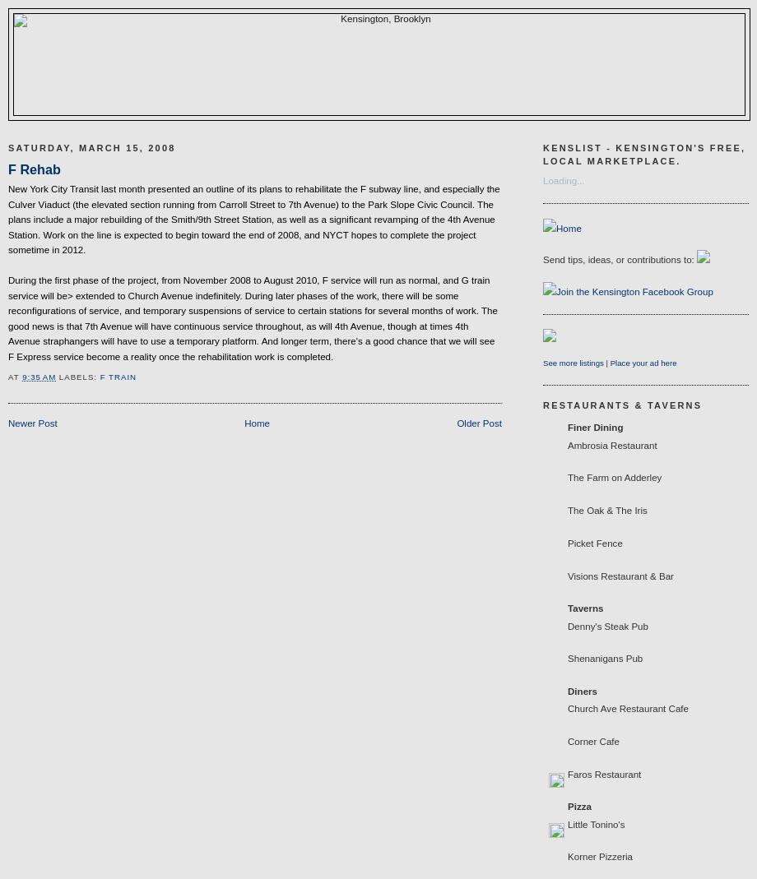  I want to click on 'Ambrosia Restaurant', so click(612, 445).